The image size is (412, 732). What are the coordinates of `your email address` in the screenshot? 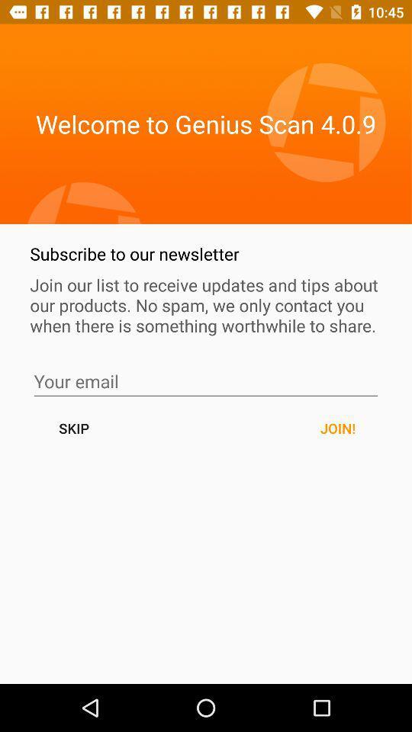 It's located at (206, 380).